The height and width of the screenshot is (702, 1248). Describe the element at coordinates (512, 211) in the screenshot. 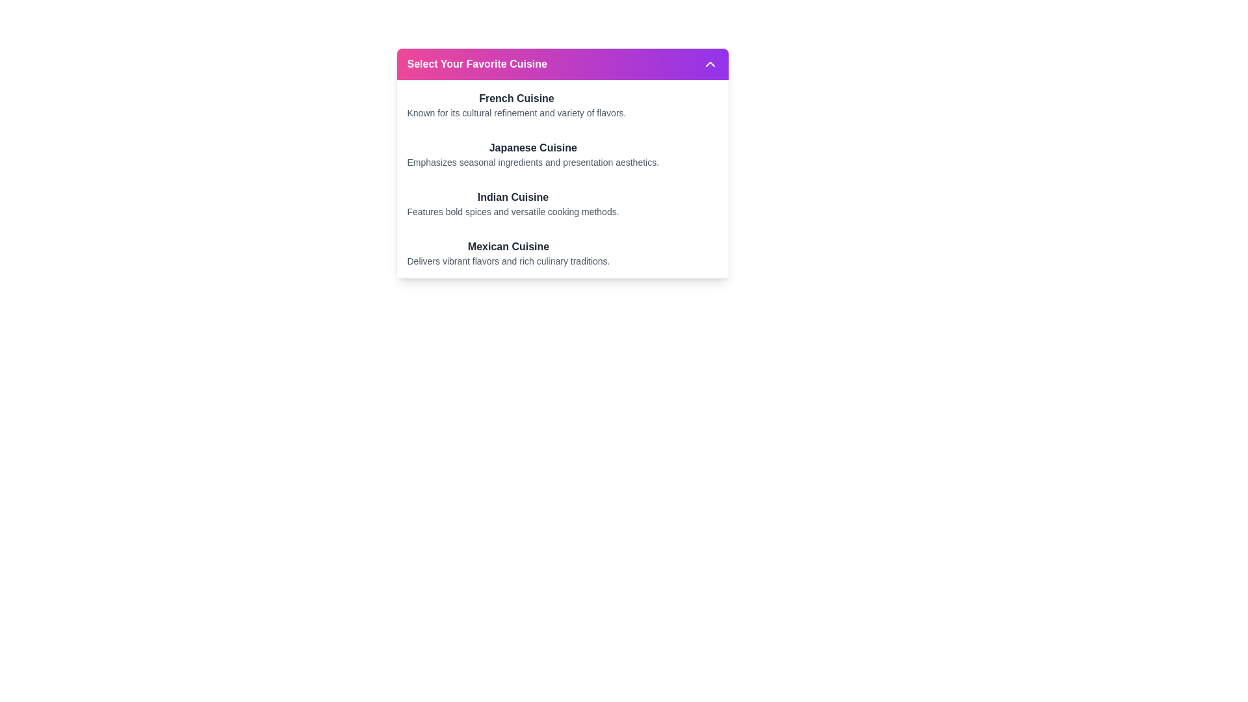

I see `the text element that says 'Features bold spices and versatile cooking methods.', which is styled with a smaller font and gray color, located directly below the title 'Indian Cuisine'` at that location.